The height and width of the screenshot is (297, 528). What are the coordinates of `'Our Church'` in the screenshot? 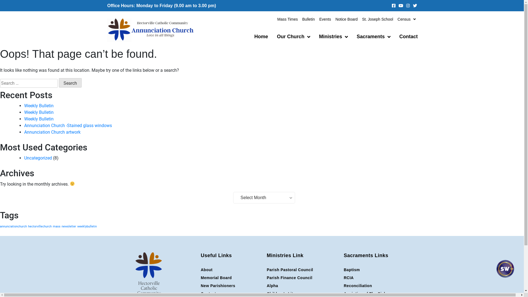 It's located at (293, 37).